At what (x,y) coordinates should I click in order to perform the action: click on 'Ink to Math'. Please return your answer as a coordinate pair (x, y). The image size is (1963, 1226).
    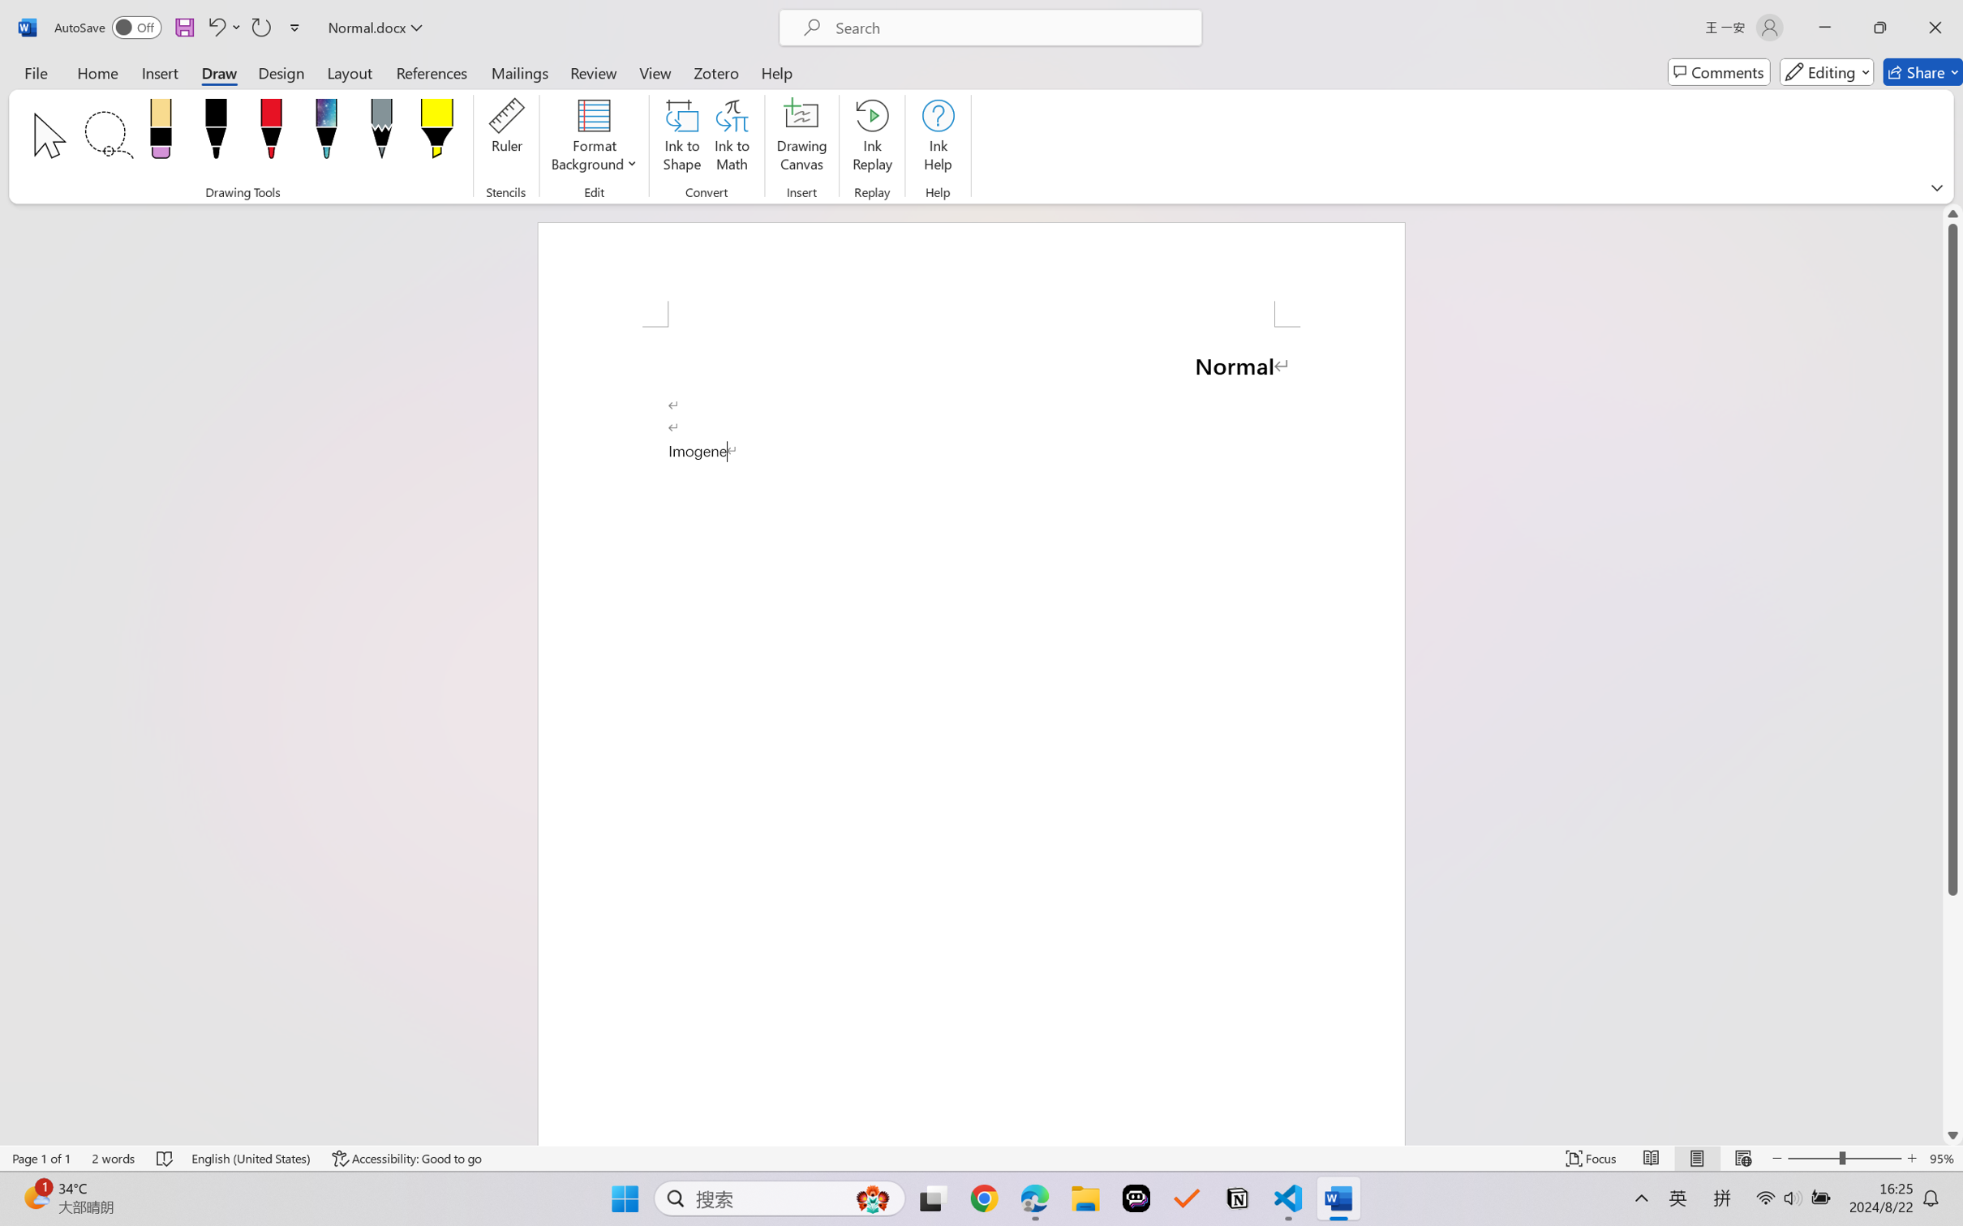
    Looking at the image, I should click on (732, 138).